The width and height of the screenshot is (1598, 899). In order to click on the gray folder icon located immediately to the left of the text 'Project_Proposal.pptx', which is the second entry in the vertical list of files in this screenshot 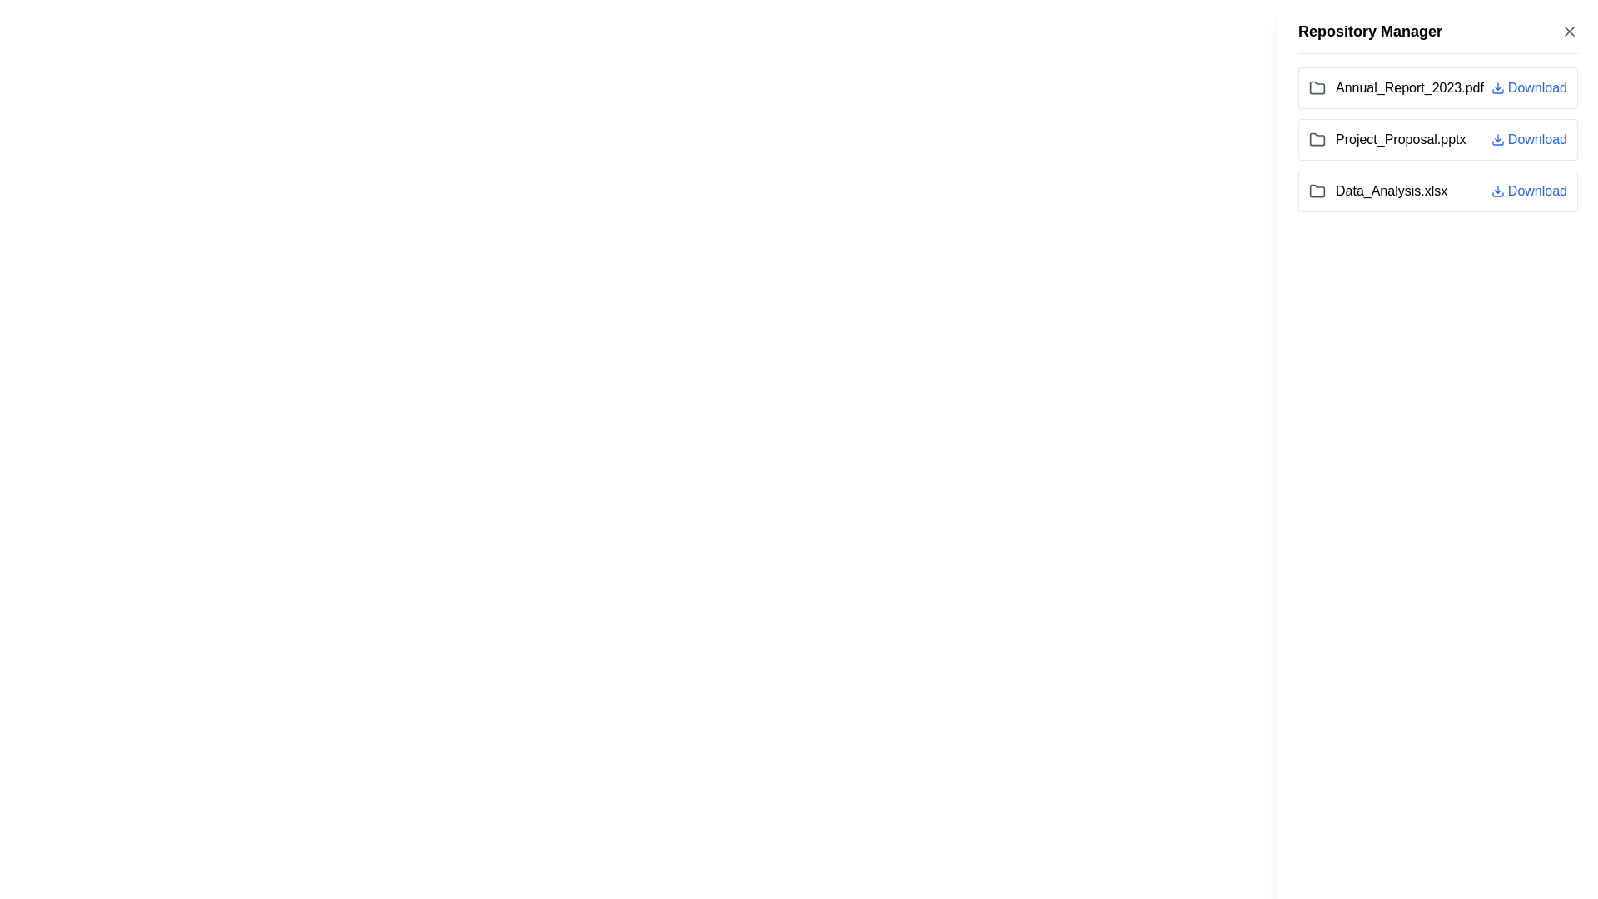, I will do `click(1317, 139)`.